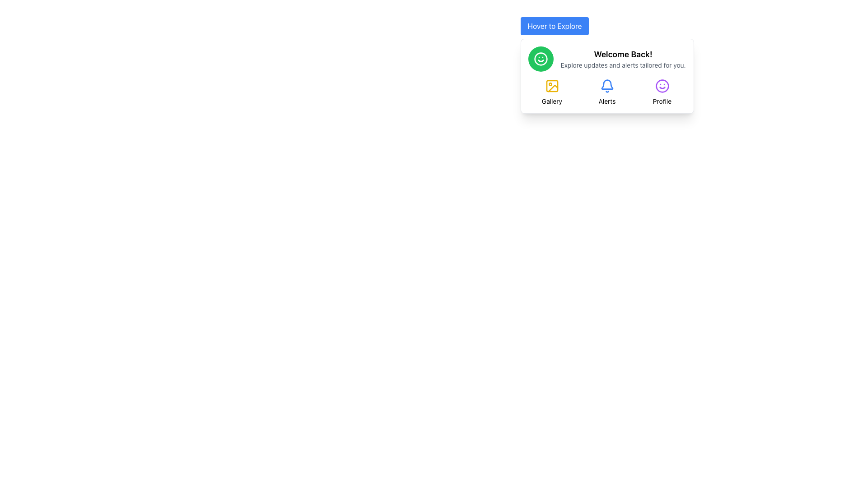 This screenshot has width=867, height=487. I want to click on the label indicating the profile-related option, which is centrally aligned below the purple smiley icon in the card-like section, so click(662, 101).